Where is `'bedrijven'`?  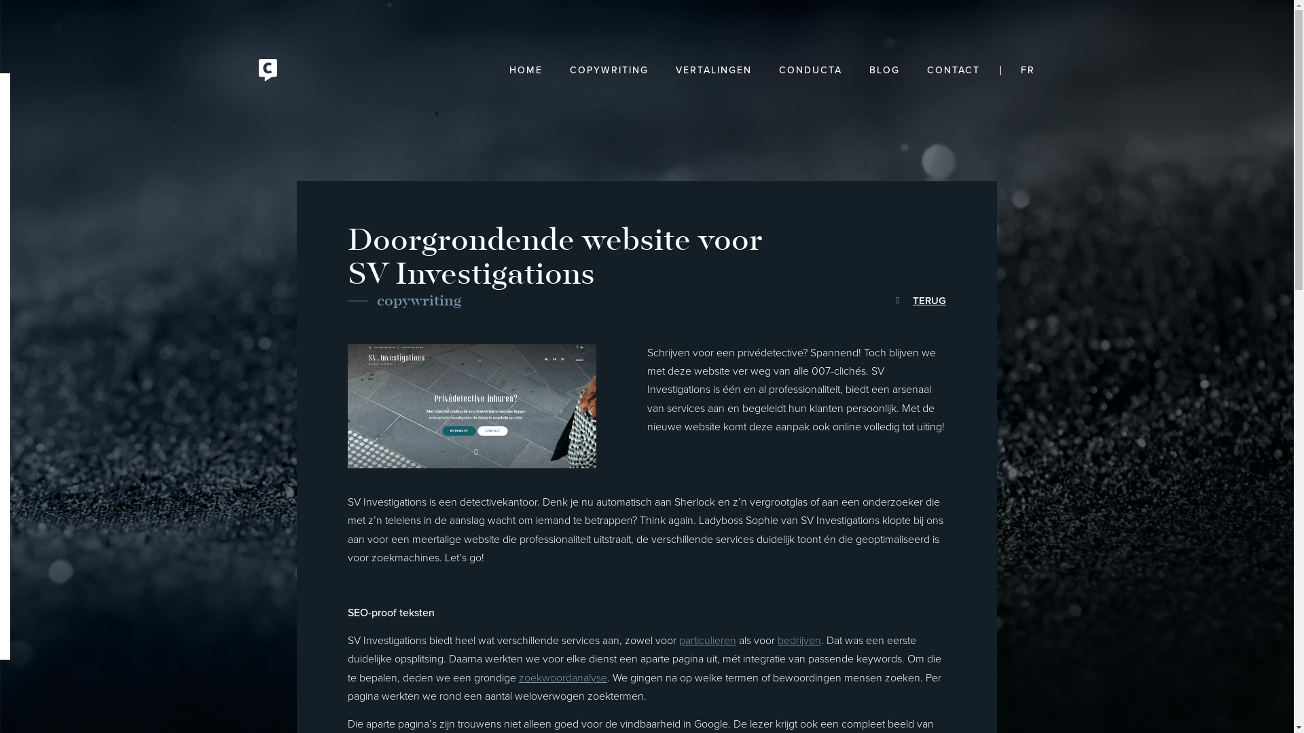
'bedrijven' is located at coordinates (799, 641).